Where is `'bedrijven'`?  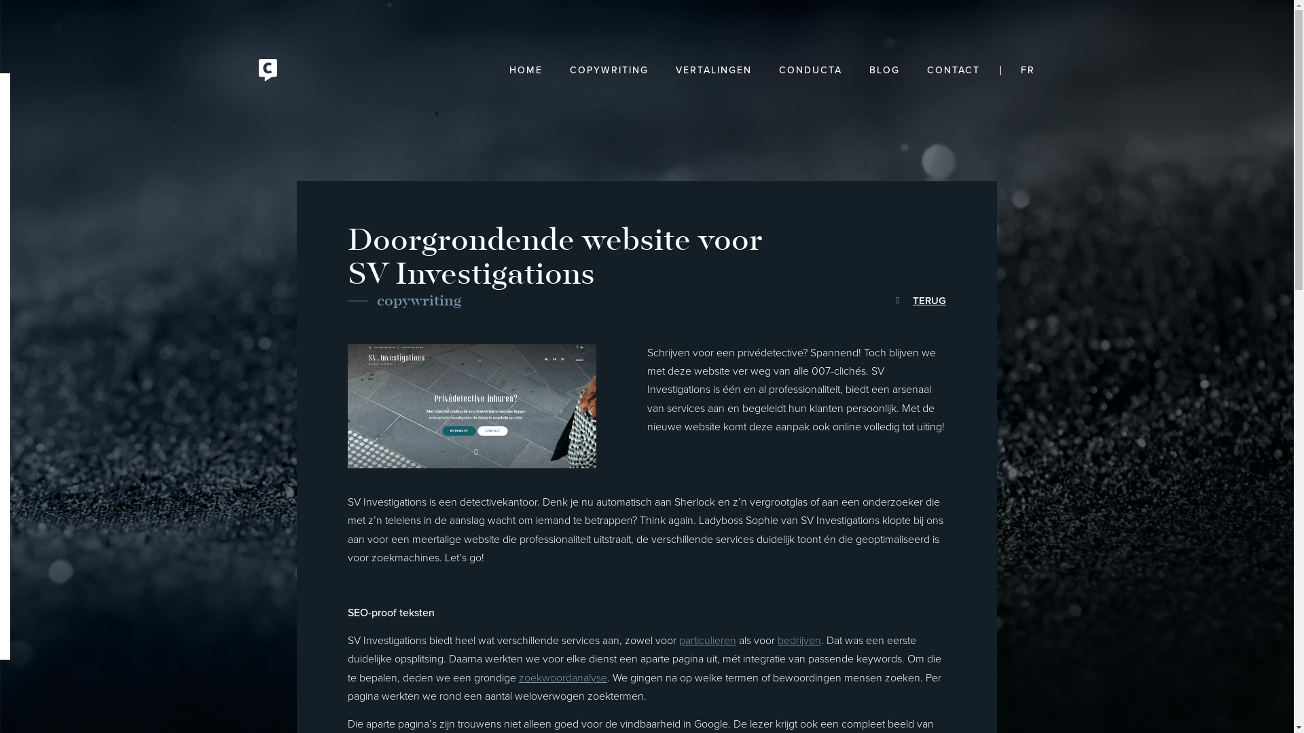
'bedrijven' is located at coordinates (799, 641).